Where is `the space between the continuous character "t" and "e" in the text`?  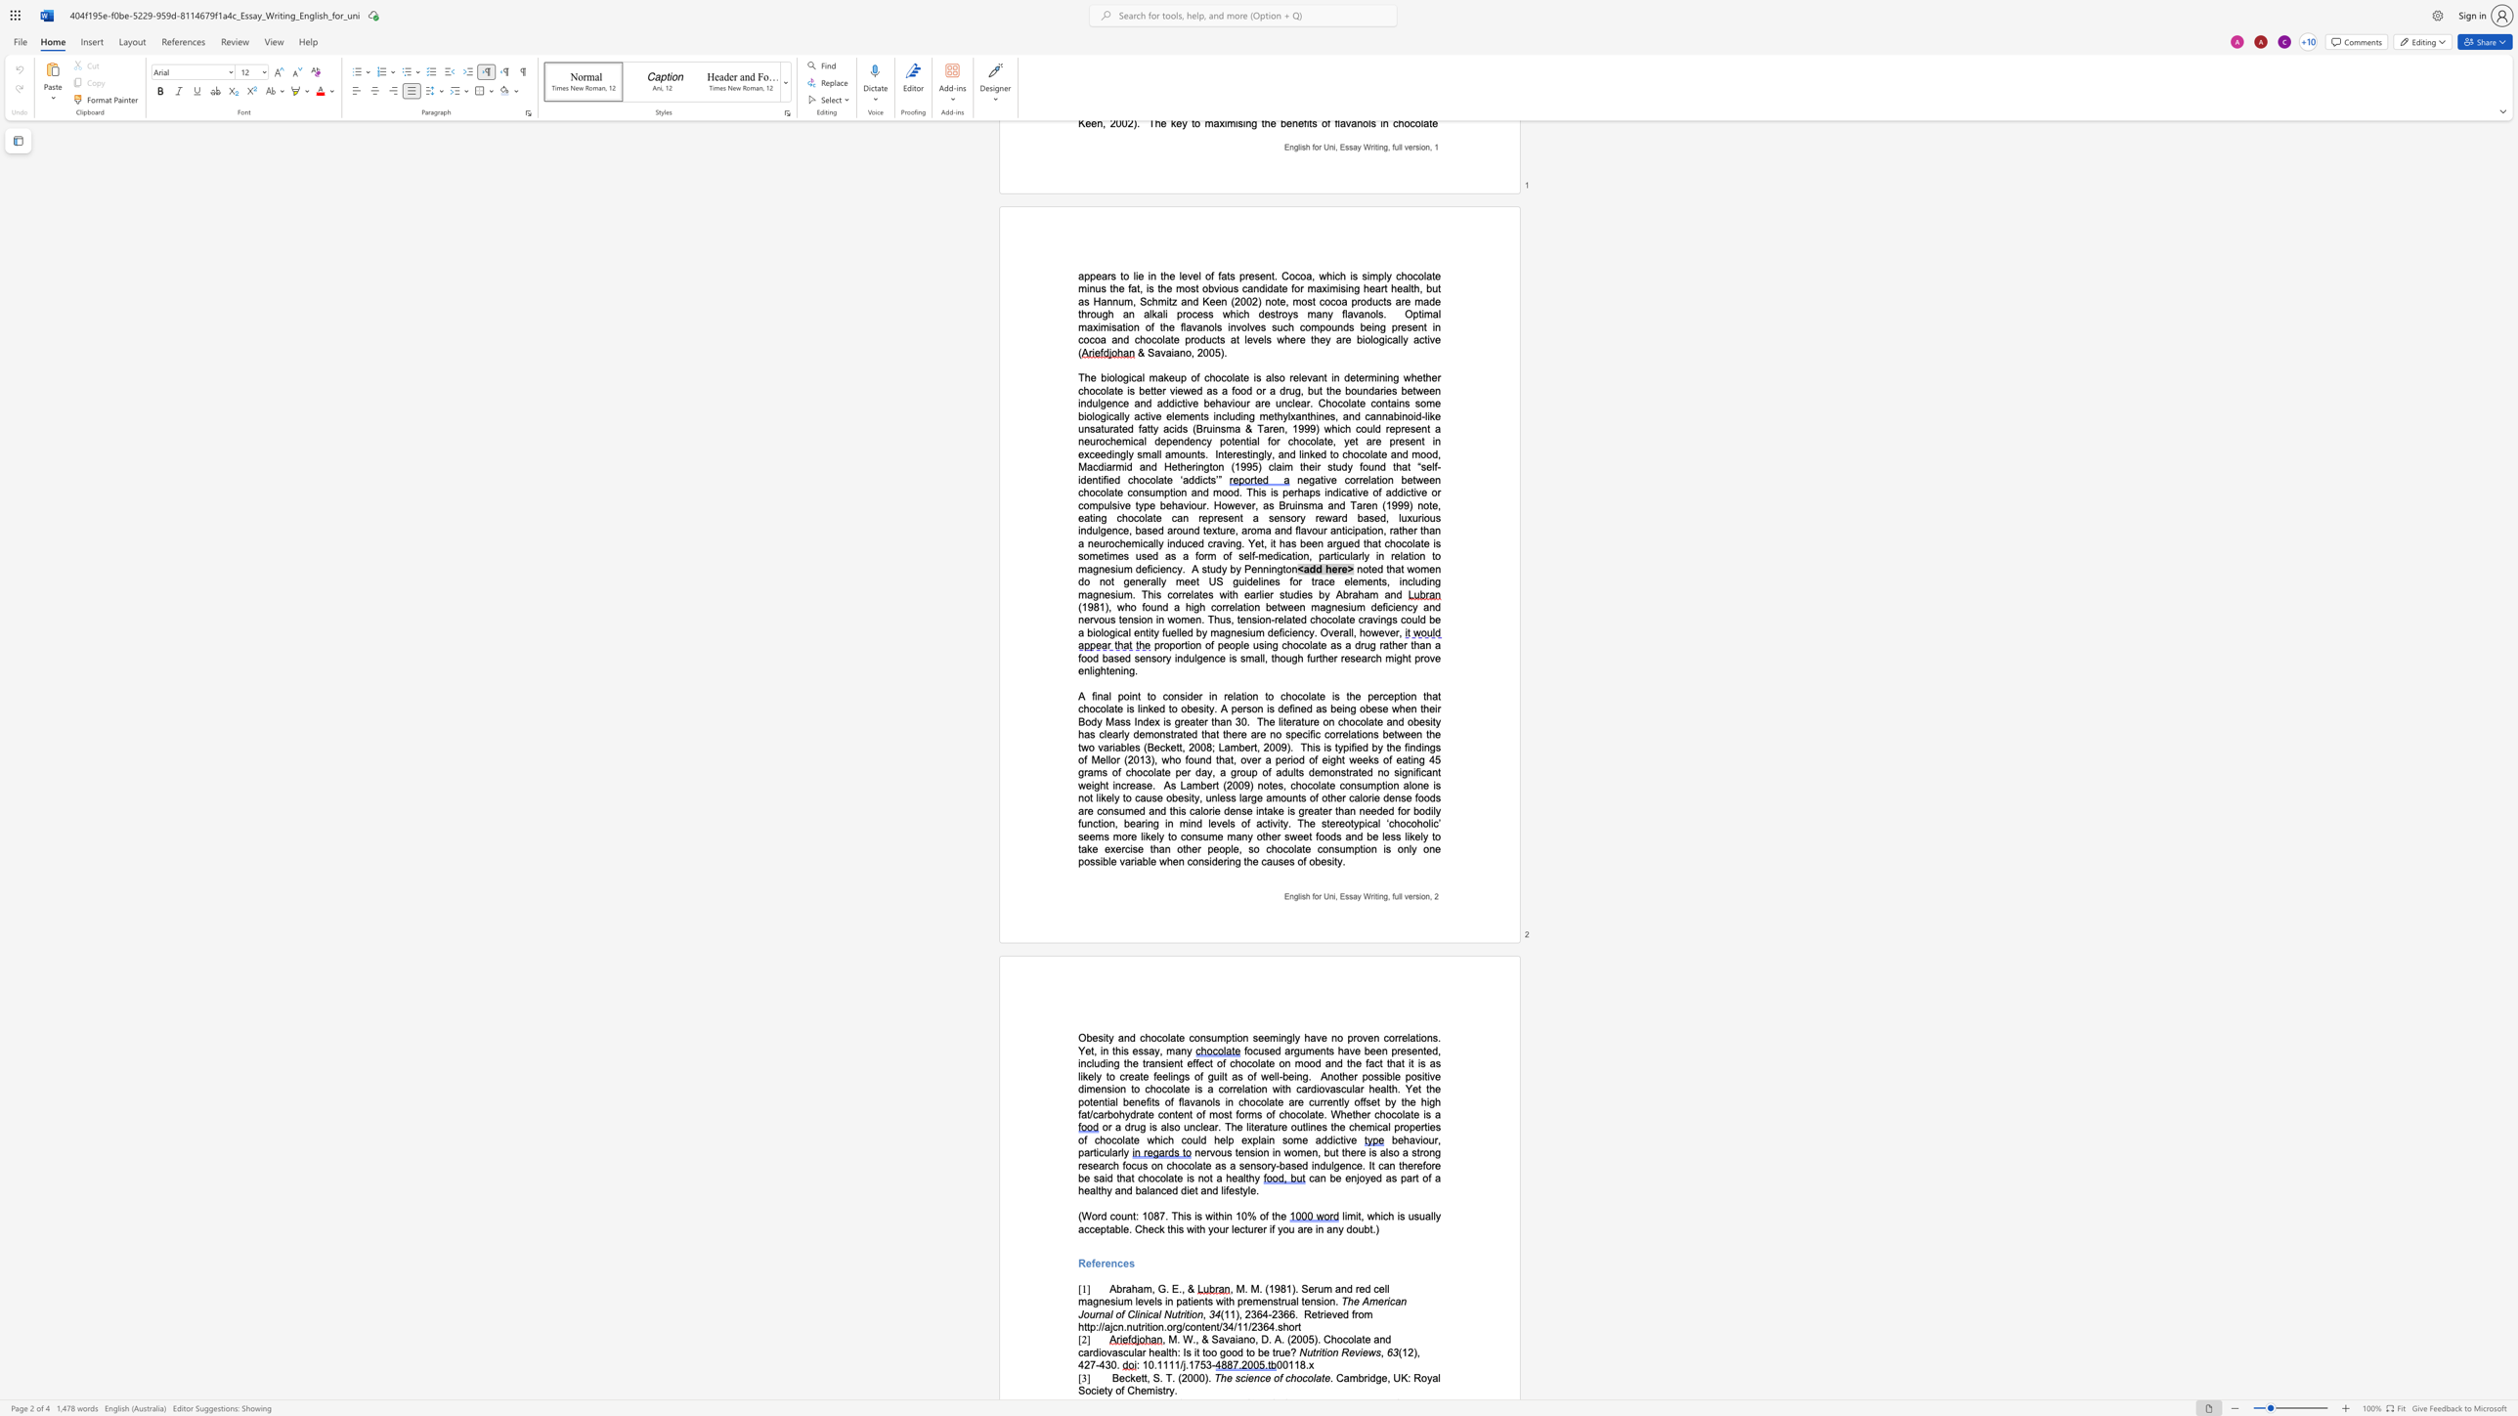 the space between the continuous character "t" and "e" in the text is located at coordinates (1180, 1037).